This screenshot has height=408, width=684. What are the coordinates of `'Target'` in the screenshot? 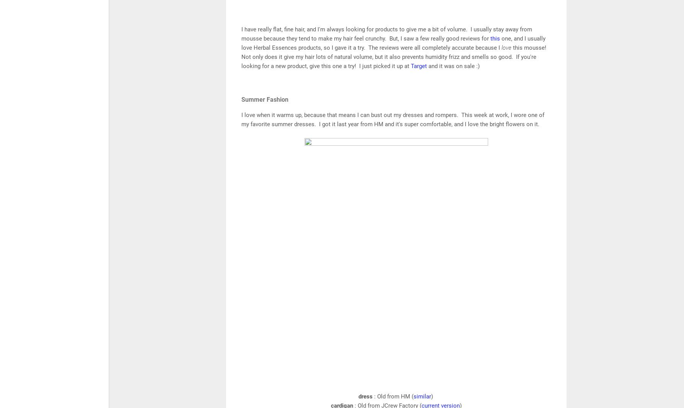 It's located at (419, 65).